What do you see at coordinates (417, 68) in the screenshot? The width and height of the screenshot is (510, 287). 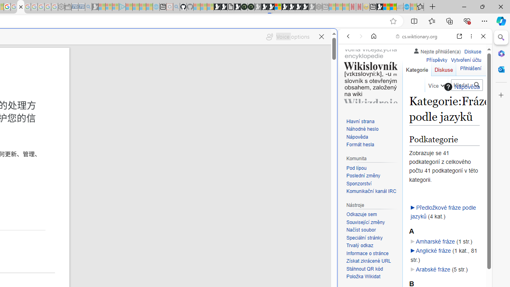 I see `'Kategorie'` at bounding box center [417, 68].